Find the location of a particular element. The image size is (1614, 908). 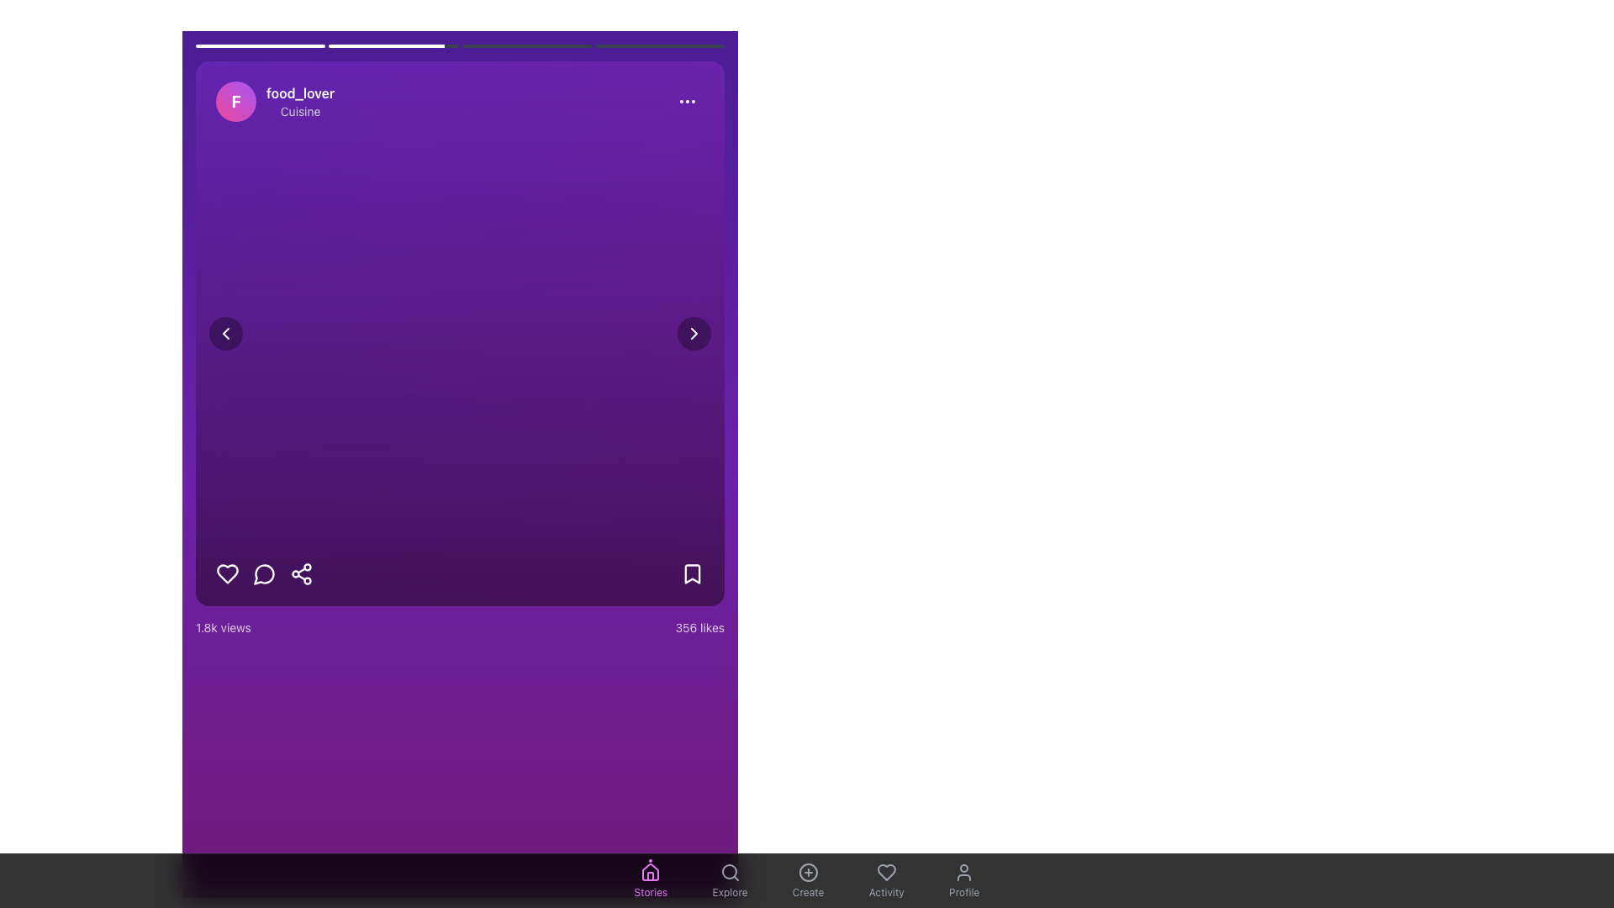

the button located at the top-right corner of a rectangular card that serves as a menu trigger or options expander is located at coordinates (687, 101).